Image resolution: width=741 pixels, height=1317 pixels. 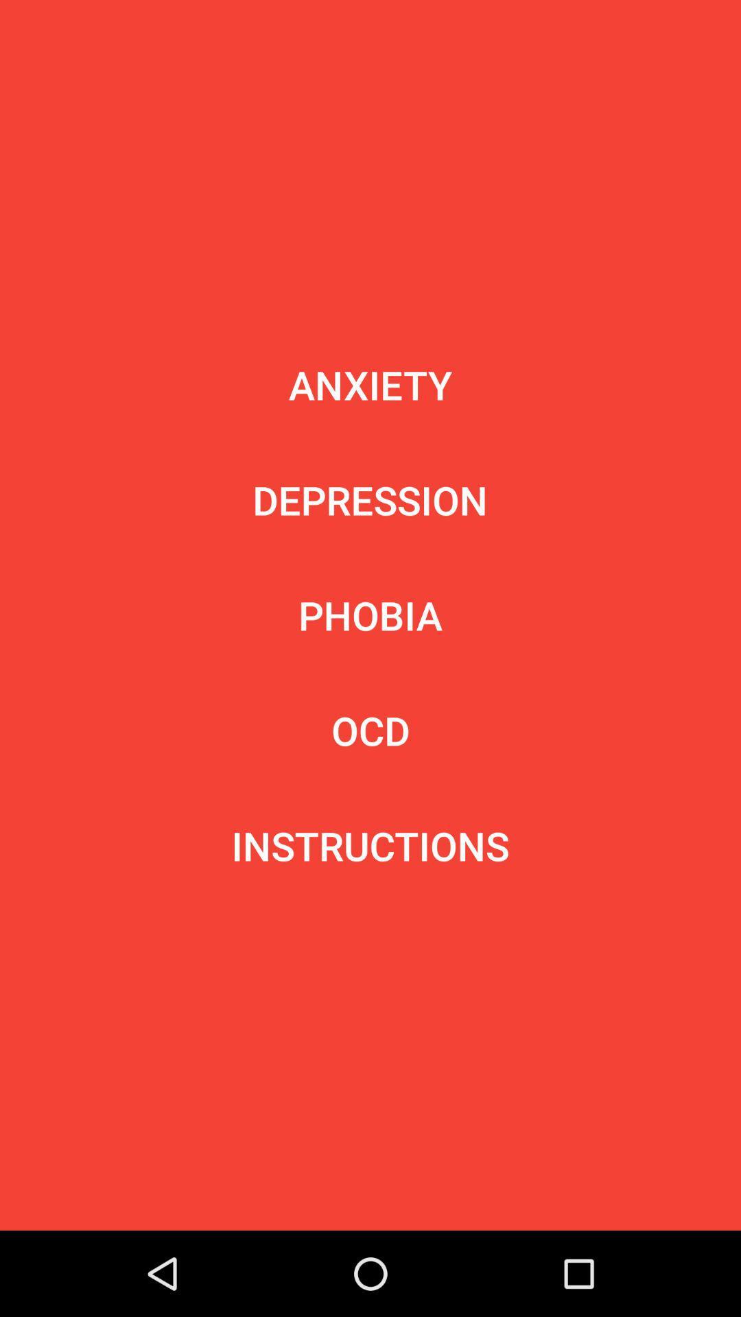 I want to click on the anxiety at the top, so click(x=370, y=384).